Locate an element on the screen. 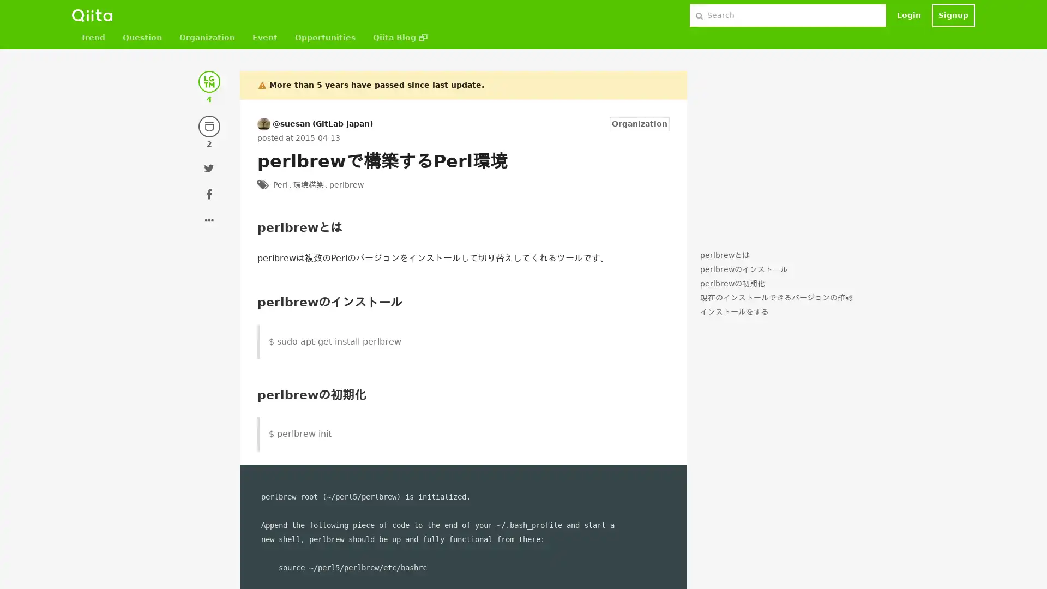 This screenshot has height=589, width=1047. twitter is located at coordinates (209, 168).